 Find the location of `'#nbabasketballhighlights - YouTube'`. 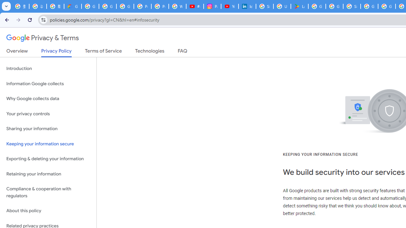

'#nbabasketballhighlights - YouTube' is located at coordinates (195, 6).